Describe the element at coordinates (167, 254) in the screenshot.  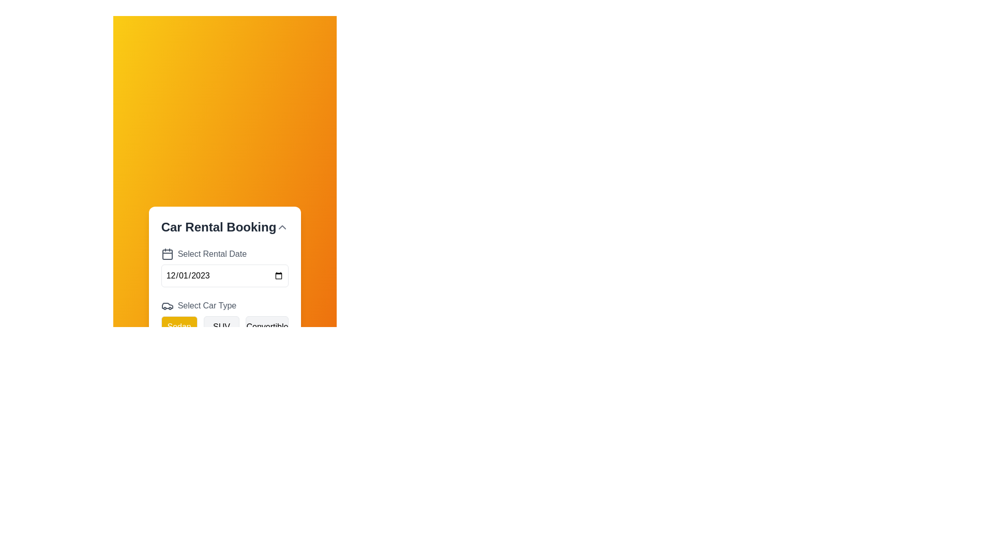
I see `the minimalist calendar icon which features a square outline and two vertical lines at the top, located to the left of the 'Select Rental Date' label` at that location.